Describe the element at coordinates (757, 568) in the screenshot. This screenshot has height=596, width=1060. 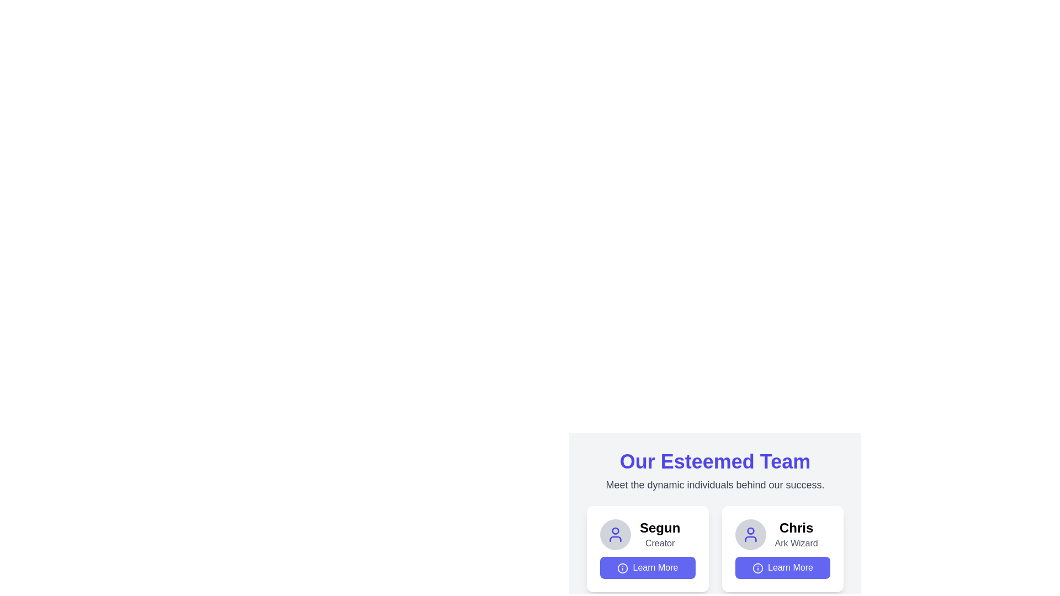
I see `the SVG circle that serves as a decorative element above the 'Learn More' button in the first card under 'Segun, Creator.'` at that location.